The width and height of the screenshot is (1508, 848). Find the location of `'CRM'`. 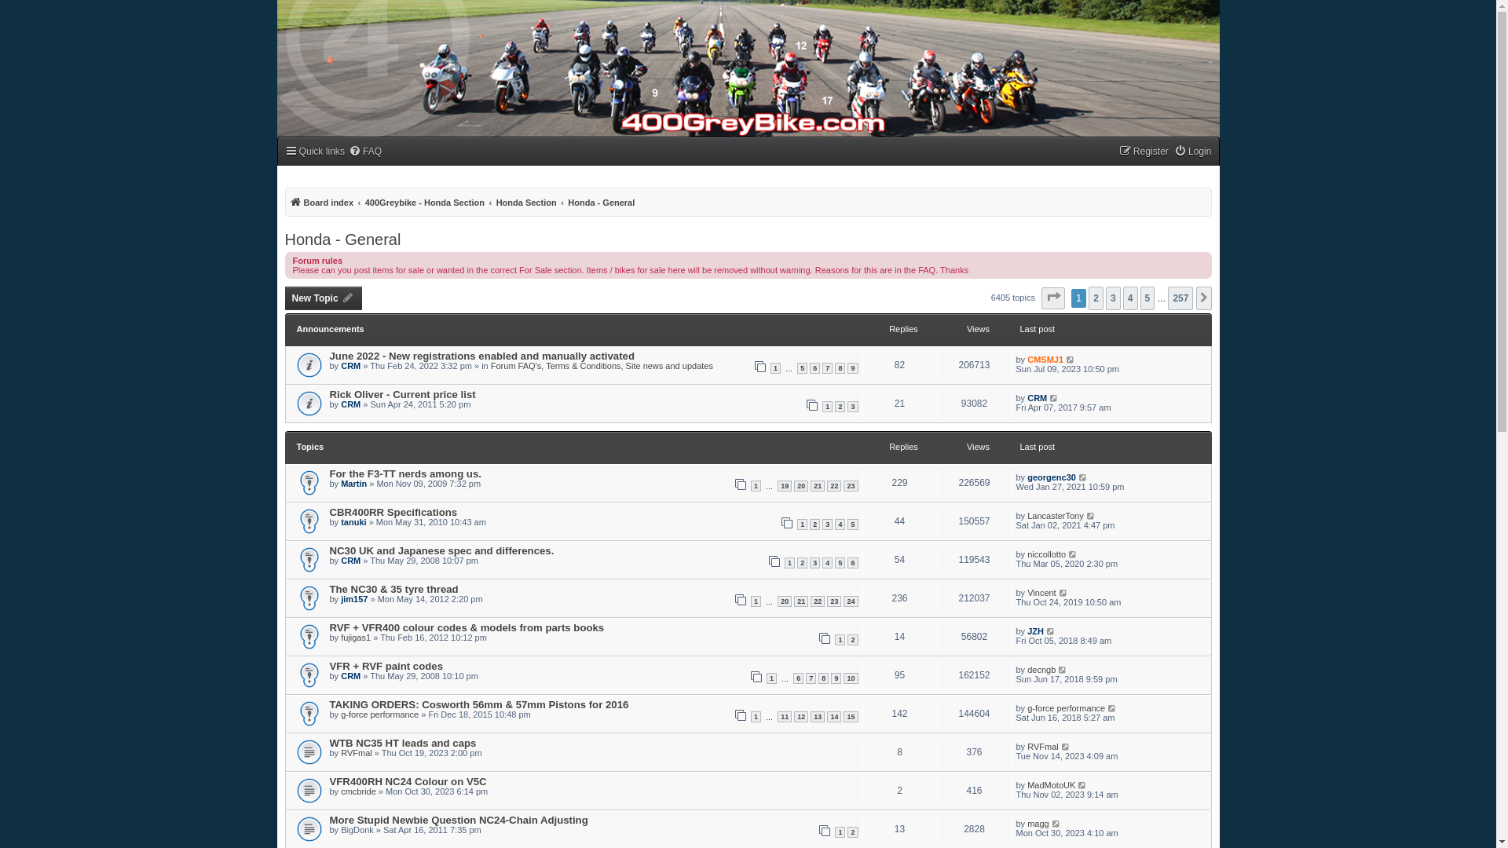

'CRM' is located at coordinates (339, 366).